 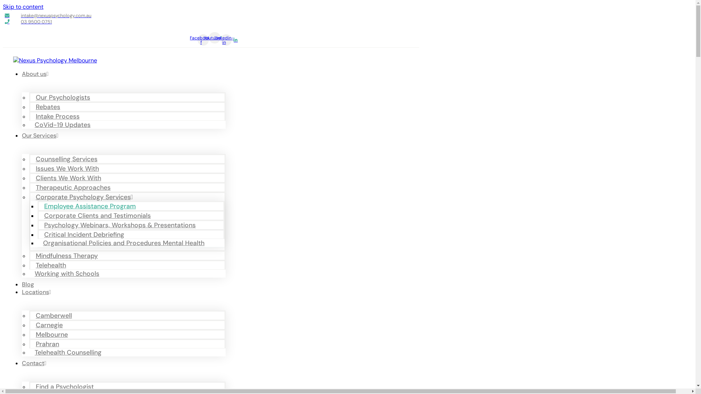 I want to click on 'Issues We Work With', so click(x=69, y=169).